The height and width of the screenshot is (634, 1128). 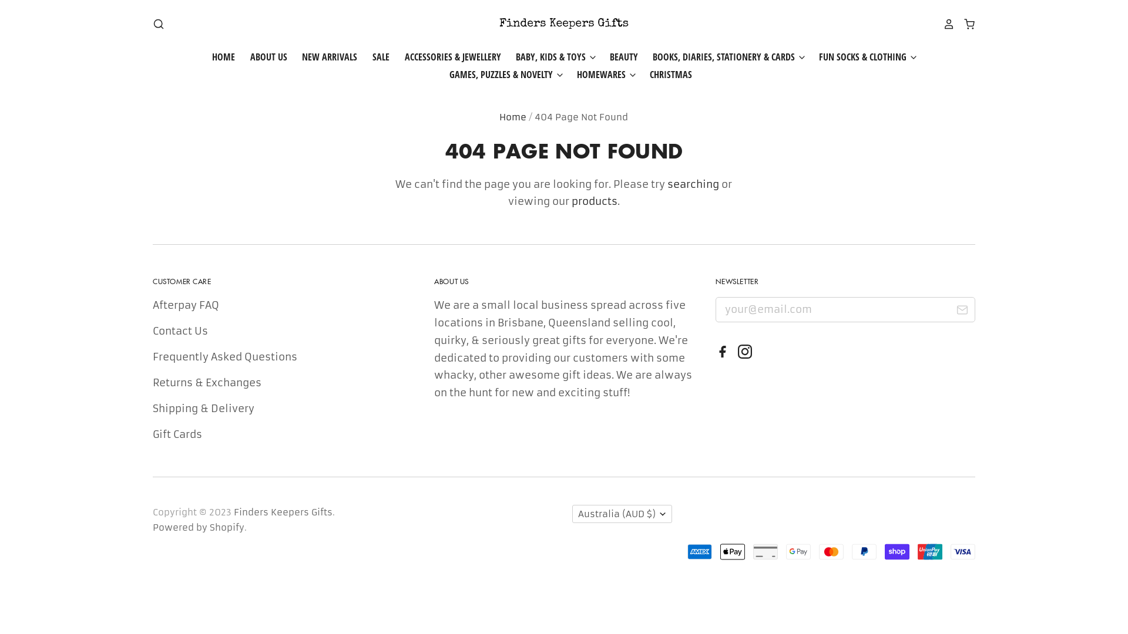 What do you see at coordinates (595, 201) in the screenshot?
I see `'products'` at bounding box center [595, 201].